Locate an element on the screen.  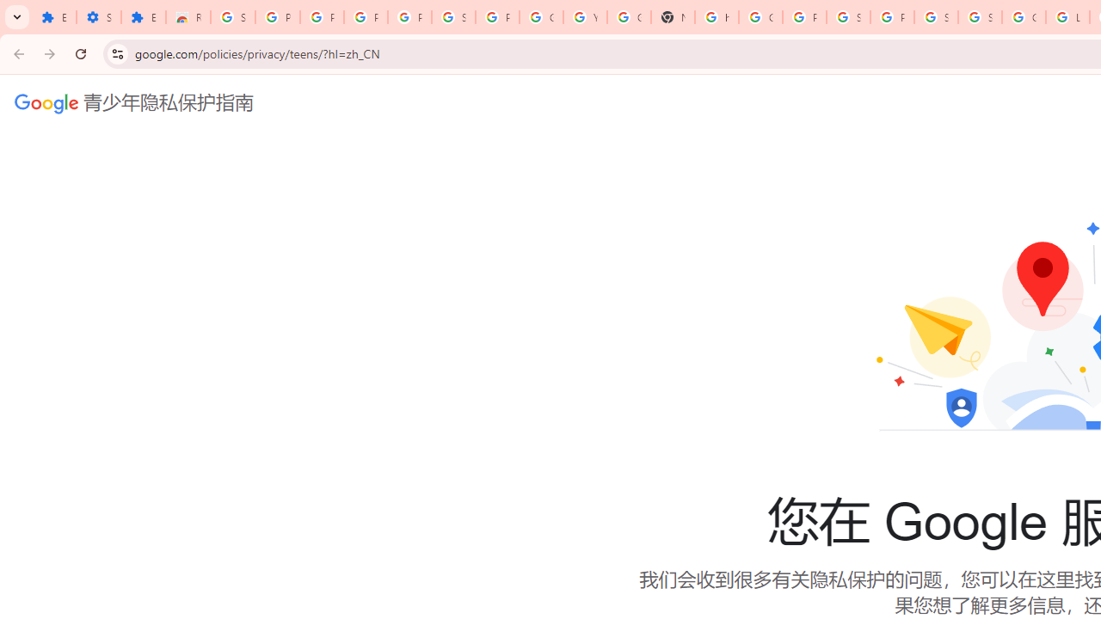
'https://scholar.google.com/' is located at coordinates (717, 17).